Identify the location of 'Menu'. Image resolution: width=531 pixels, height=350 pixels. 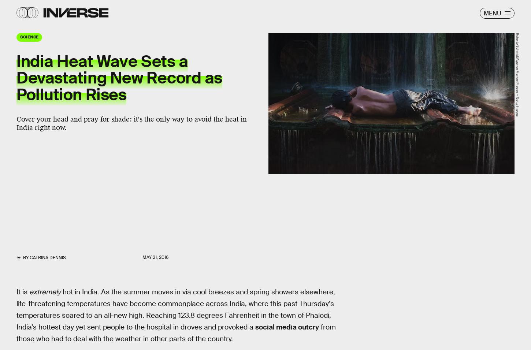
(492, 12).